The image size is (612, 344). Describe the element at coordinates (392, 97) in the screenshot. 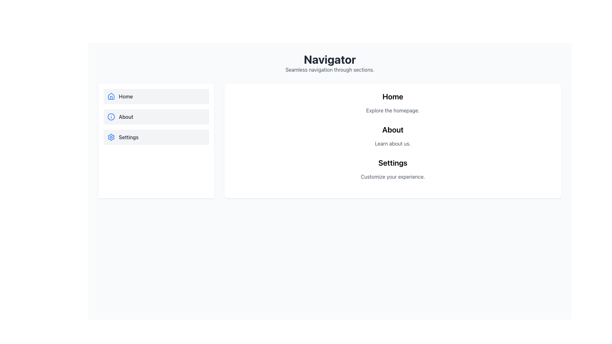

I see `the header text label for the 'home' section, which is positioned above the text 'Explore the homepage.'` at that location.